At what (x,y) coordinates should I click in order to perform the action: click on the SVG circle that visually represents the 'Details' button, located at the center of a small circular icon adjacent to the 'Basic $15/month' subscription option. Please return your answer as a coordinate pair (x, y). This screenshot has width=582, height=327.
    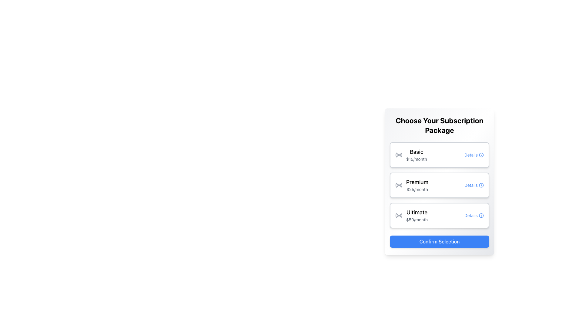
    Looking at the image, I should click on (481, 155).